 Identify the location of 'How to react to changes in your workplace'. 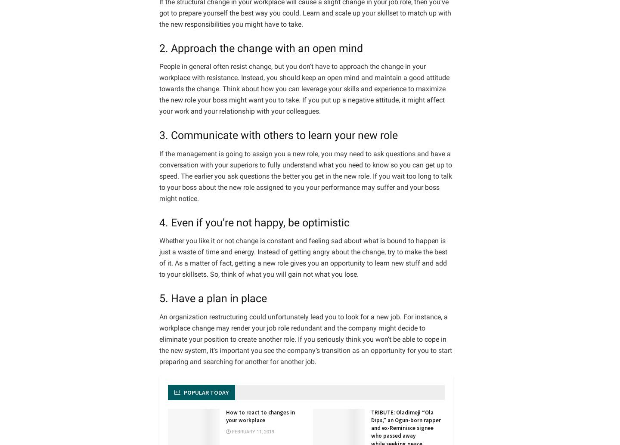
(260, 415).